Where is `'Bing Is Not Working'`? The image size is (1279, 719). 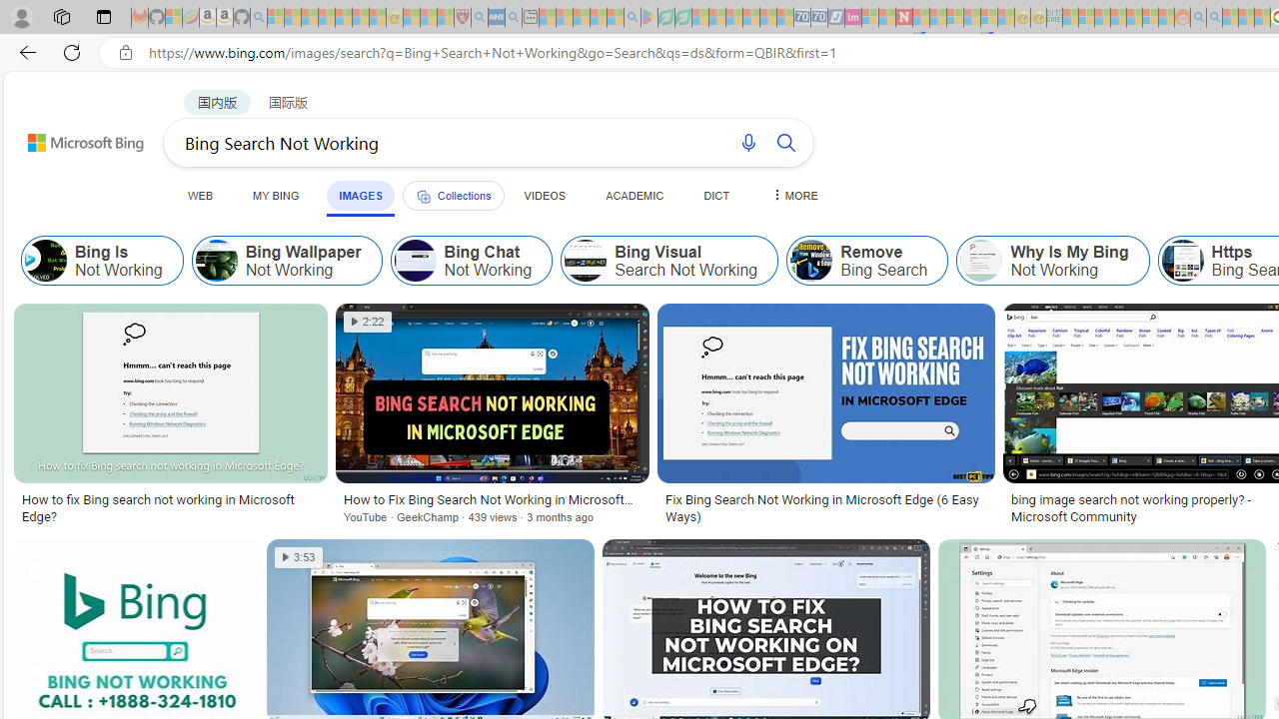 'Bing Is Not Working' is located at coordinates (46, 260).